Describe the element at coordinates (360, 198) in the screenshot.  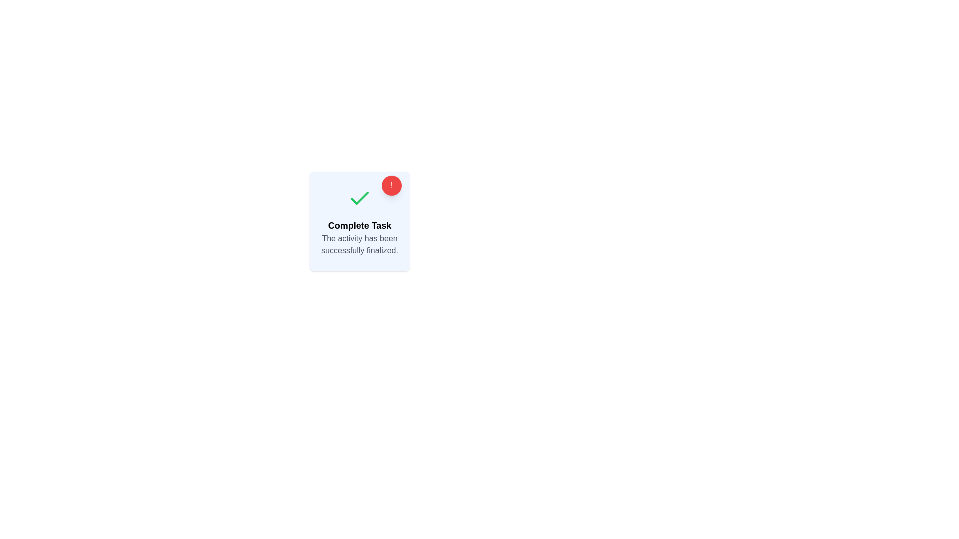
I see `the green check mark icon representing completion, which is centered above the text 'Complete Task'` at that location.